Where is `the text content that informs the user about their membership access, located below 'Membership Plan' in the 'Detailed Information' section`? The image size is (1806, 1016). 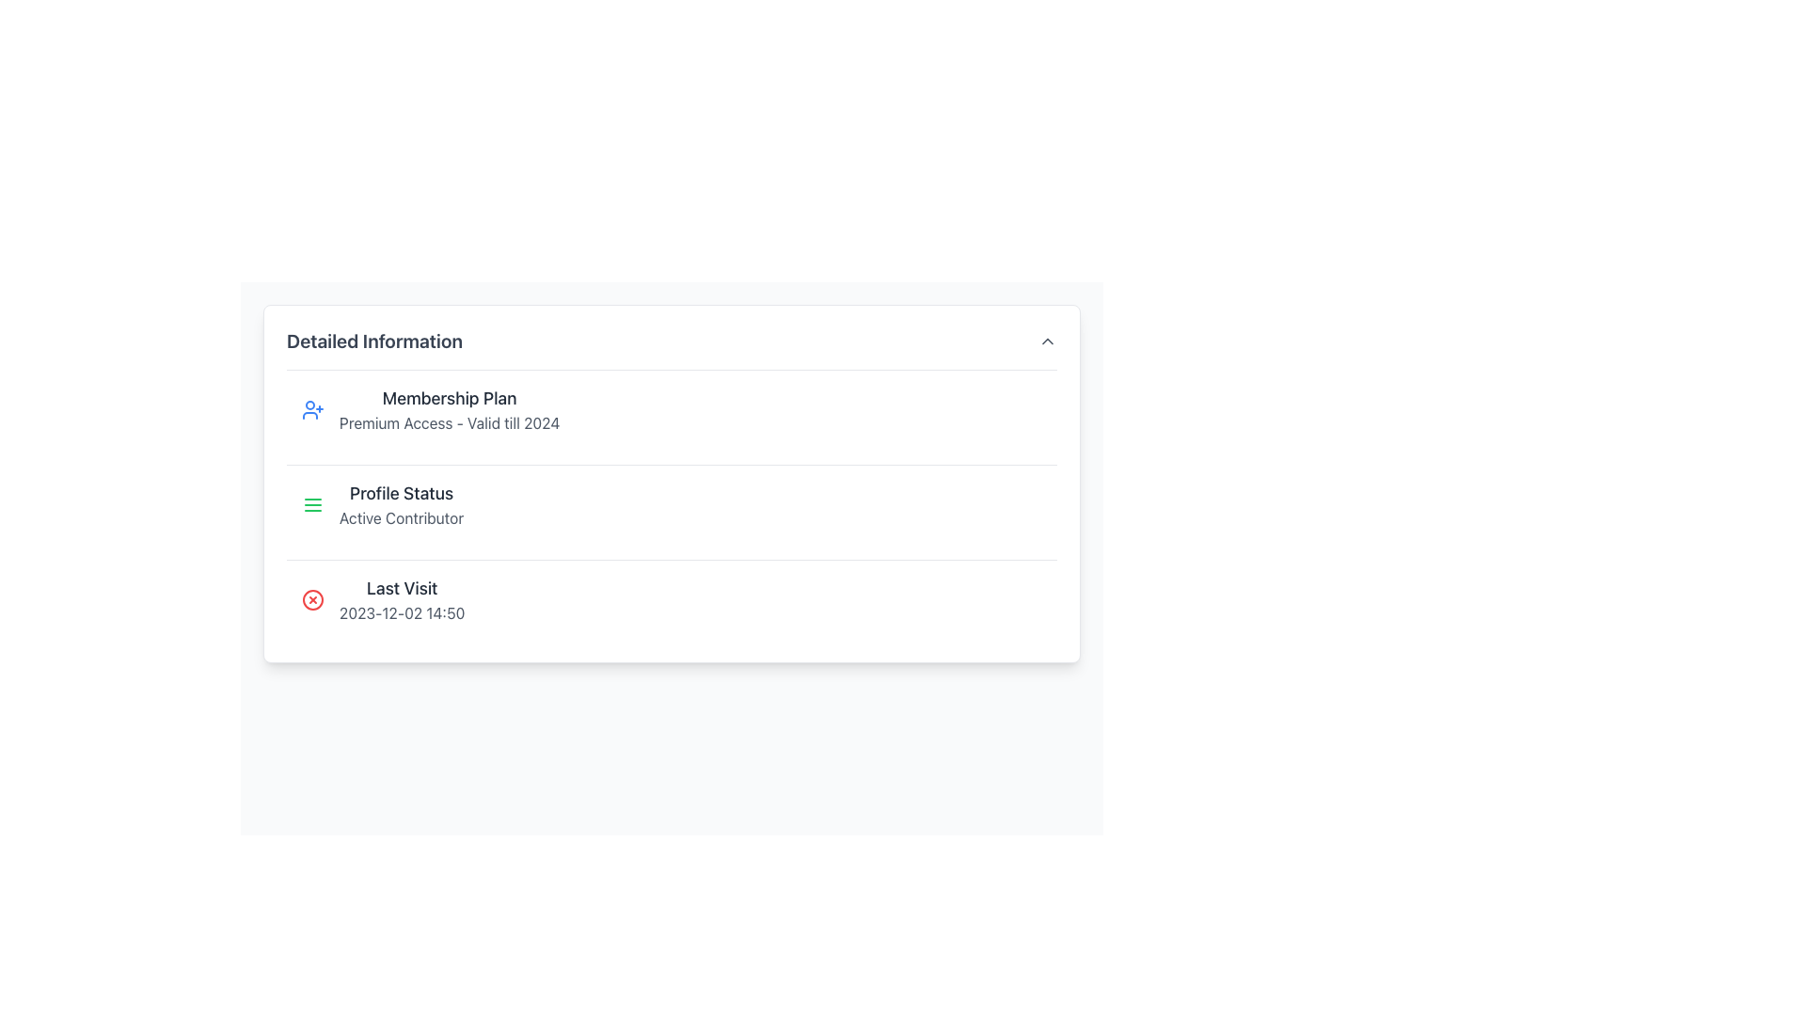 the text content that informs the user about their membership access, located below 'Membership Plan' in the 'Detailed Information' section is located at coordinates (449, 423).